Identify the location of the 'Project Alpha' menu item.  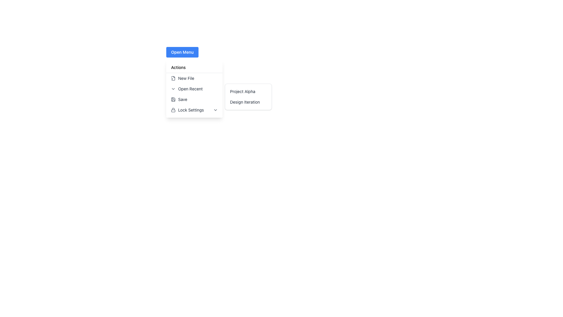
(248, 92).